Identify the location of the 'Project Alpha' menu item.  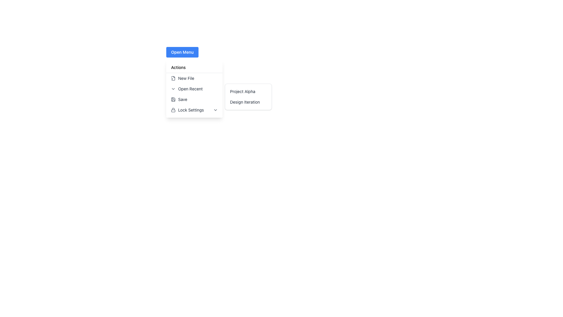
(248, 92).